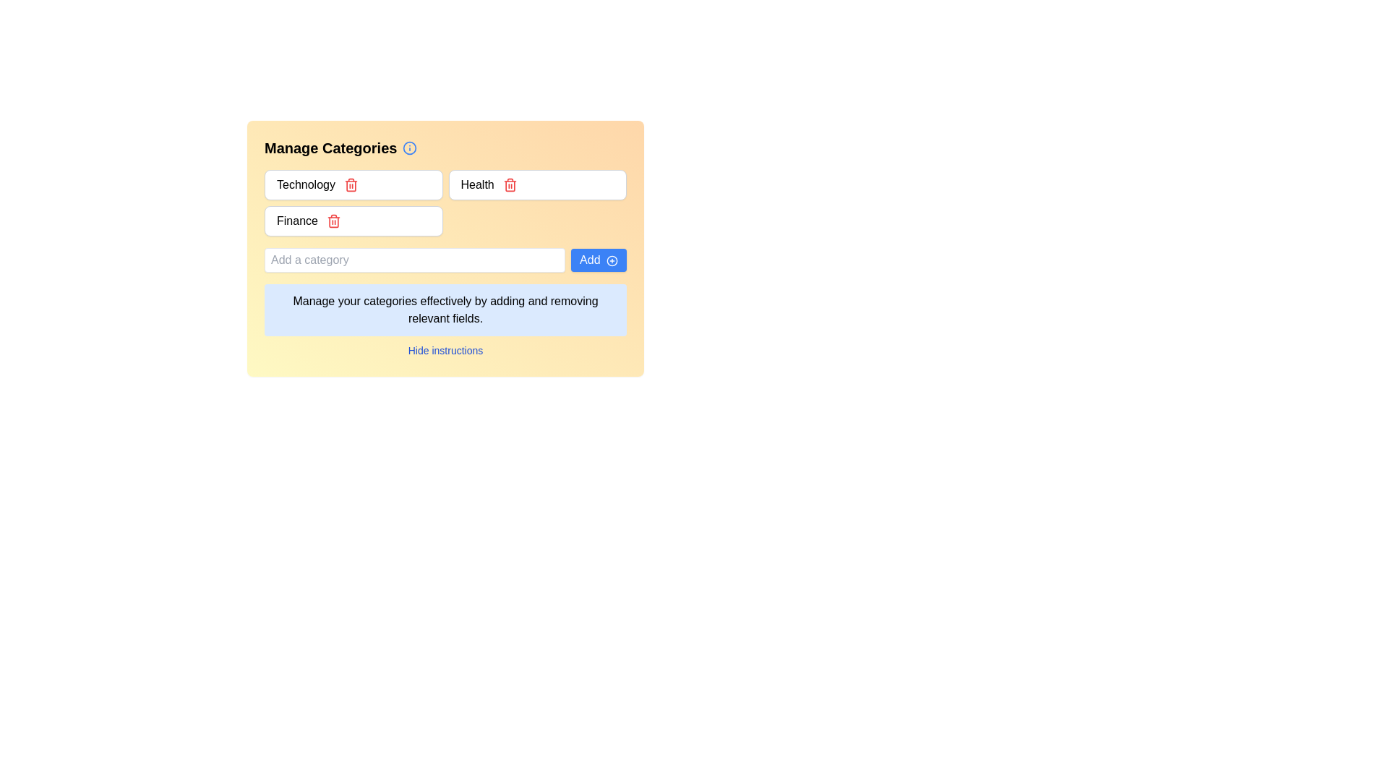 The width and height of the screenshot is (1388, 781). Describe the element at coordinates (510, 185) in the screenshot. I see `the trash icon in the category management section, which signifies a delete action adjacent to the 'Health' label` at that location.